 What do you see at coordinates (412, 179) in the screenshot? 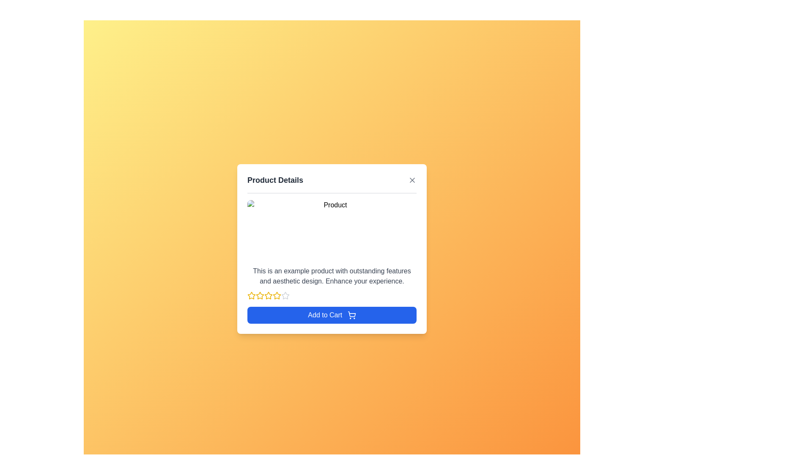
I see `the Close icon, represented by a diagonal cross, located at the top-right corner of the 'Product Details' dialog box` at bounding box center [412, 179].